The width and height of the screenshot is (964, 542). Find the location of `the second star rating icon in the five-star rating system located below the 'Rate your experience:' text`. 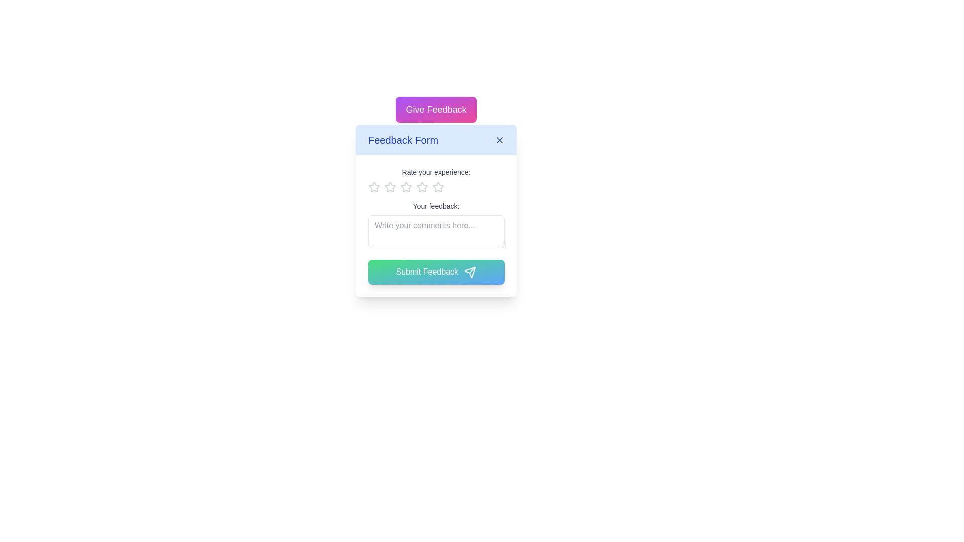

the second star rating icon in the five-star rating system located below the 'Rate your experience:' text is located at coordinates (422, 187).